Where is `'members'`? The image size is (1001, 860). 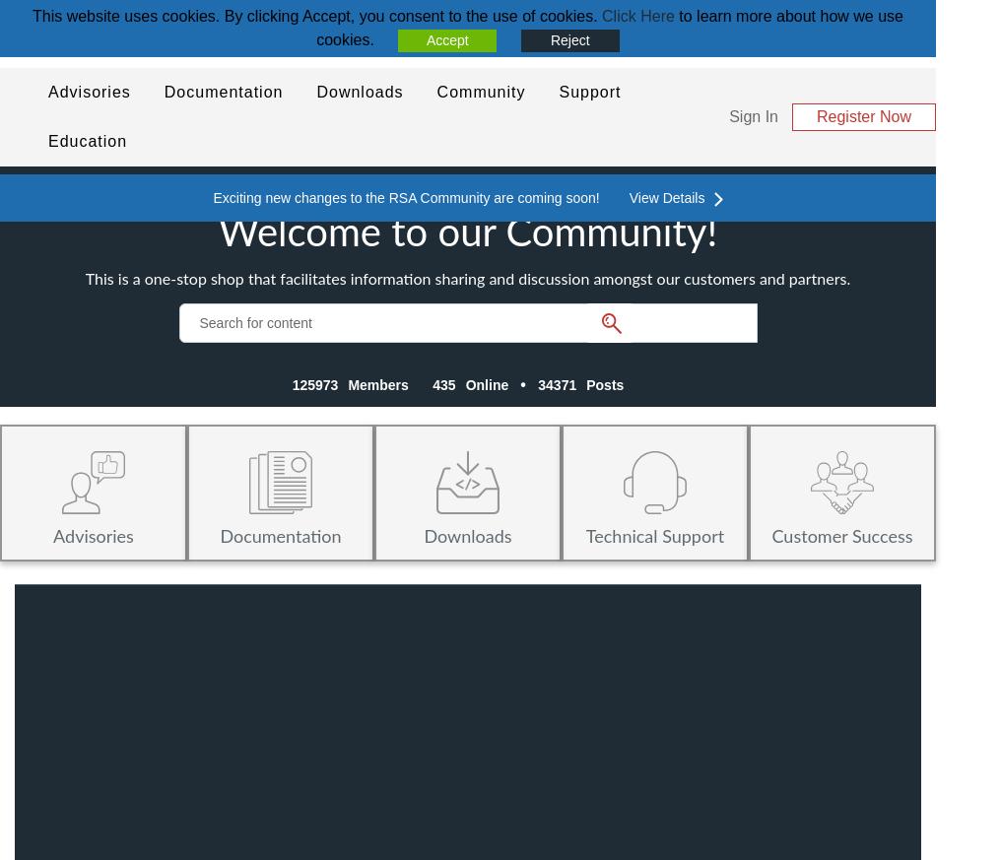 'members' is located at coordinates (376, 384).